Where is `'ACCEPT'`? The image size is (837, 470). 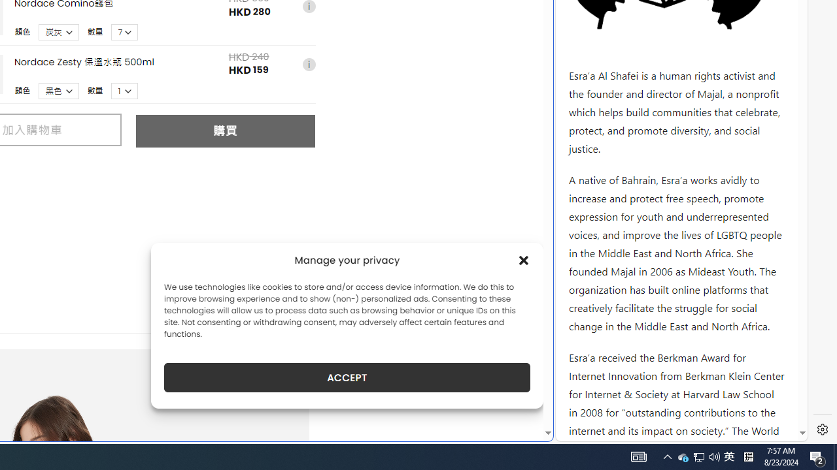
'ACCEPT' is located at coordinates (347, 377).